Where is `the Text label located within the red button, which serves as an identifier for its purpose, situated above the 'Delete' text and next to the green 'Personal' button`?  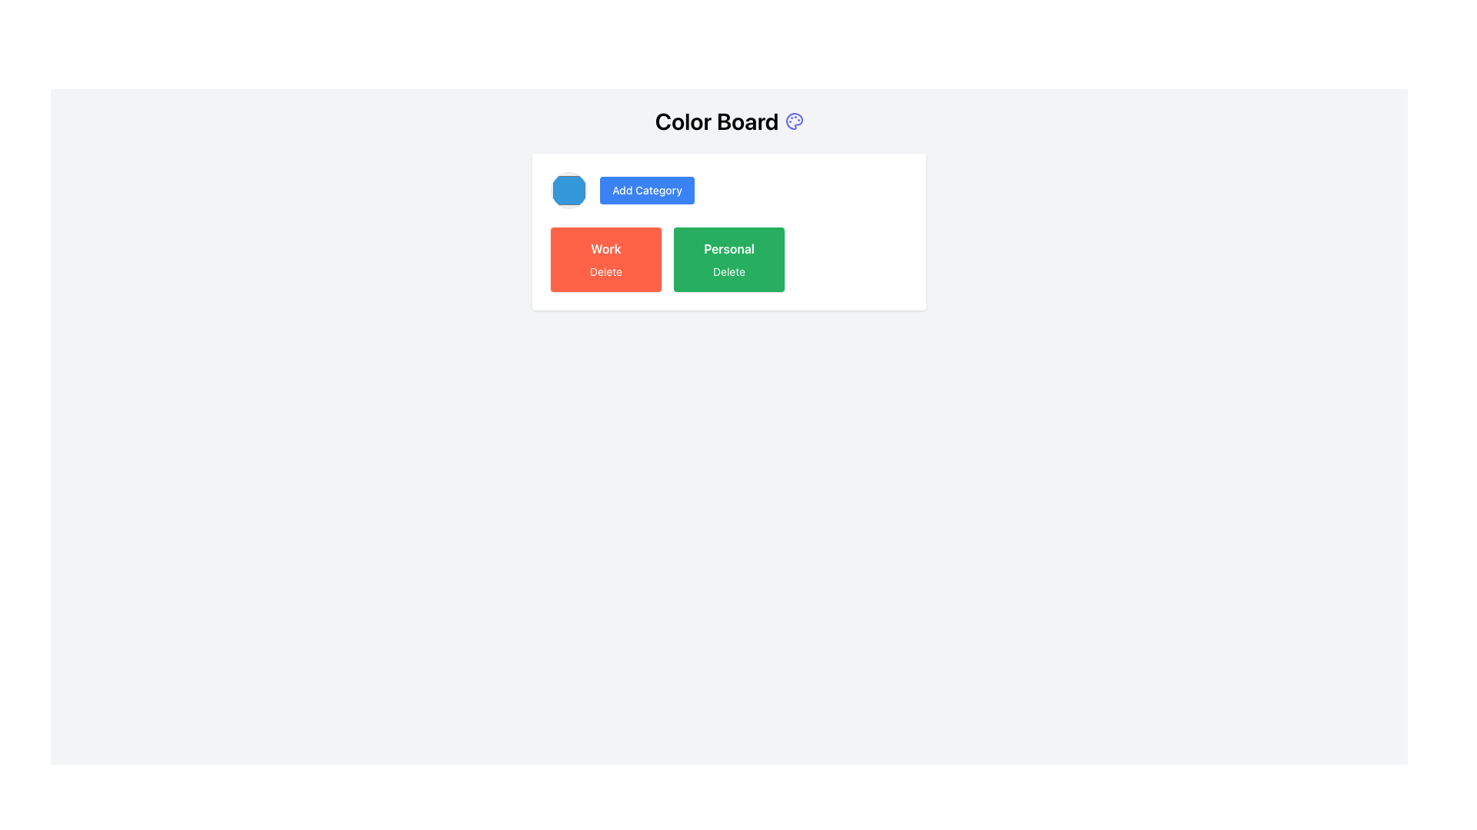
the Text label located within the red button, which serves as an identifier for its purpose, situated above the 'Delete' text and next to the green 'Personal' button is located at coordinates (605, 248).